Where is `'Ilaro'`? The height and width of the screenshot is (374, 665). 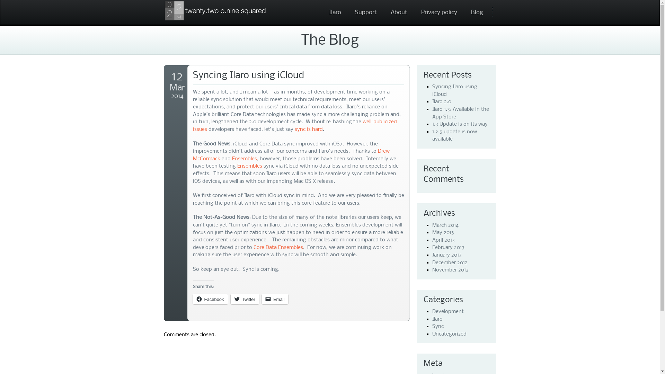
'Ilaro' is located at coordinates (323, 12).